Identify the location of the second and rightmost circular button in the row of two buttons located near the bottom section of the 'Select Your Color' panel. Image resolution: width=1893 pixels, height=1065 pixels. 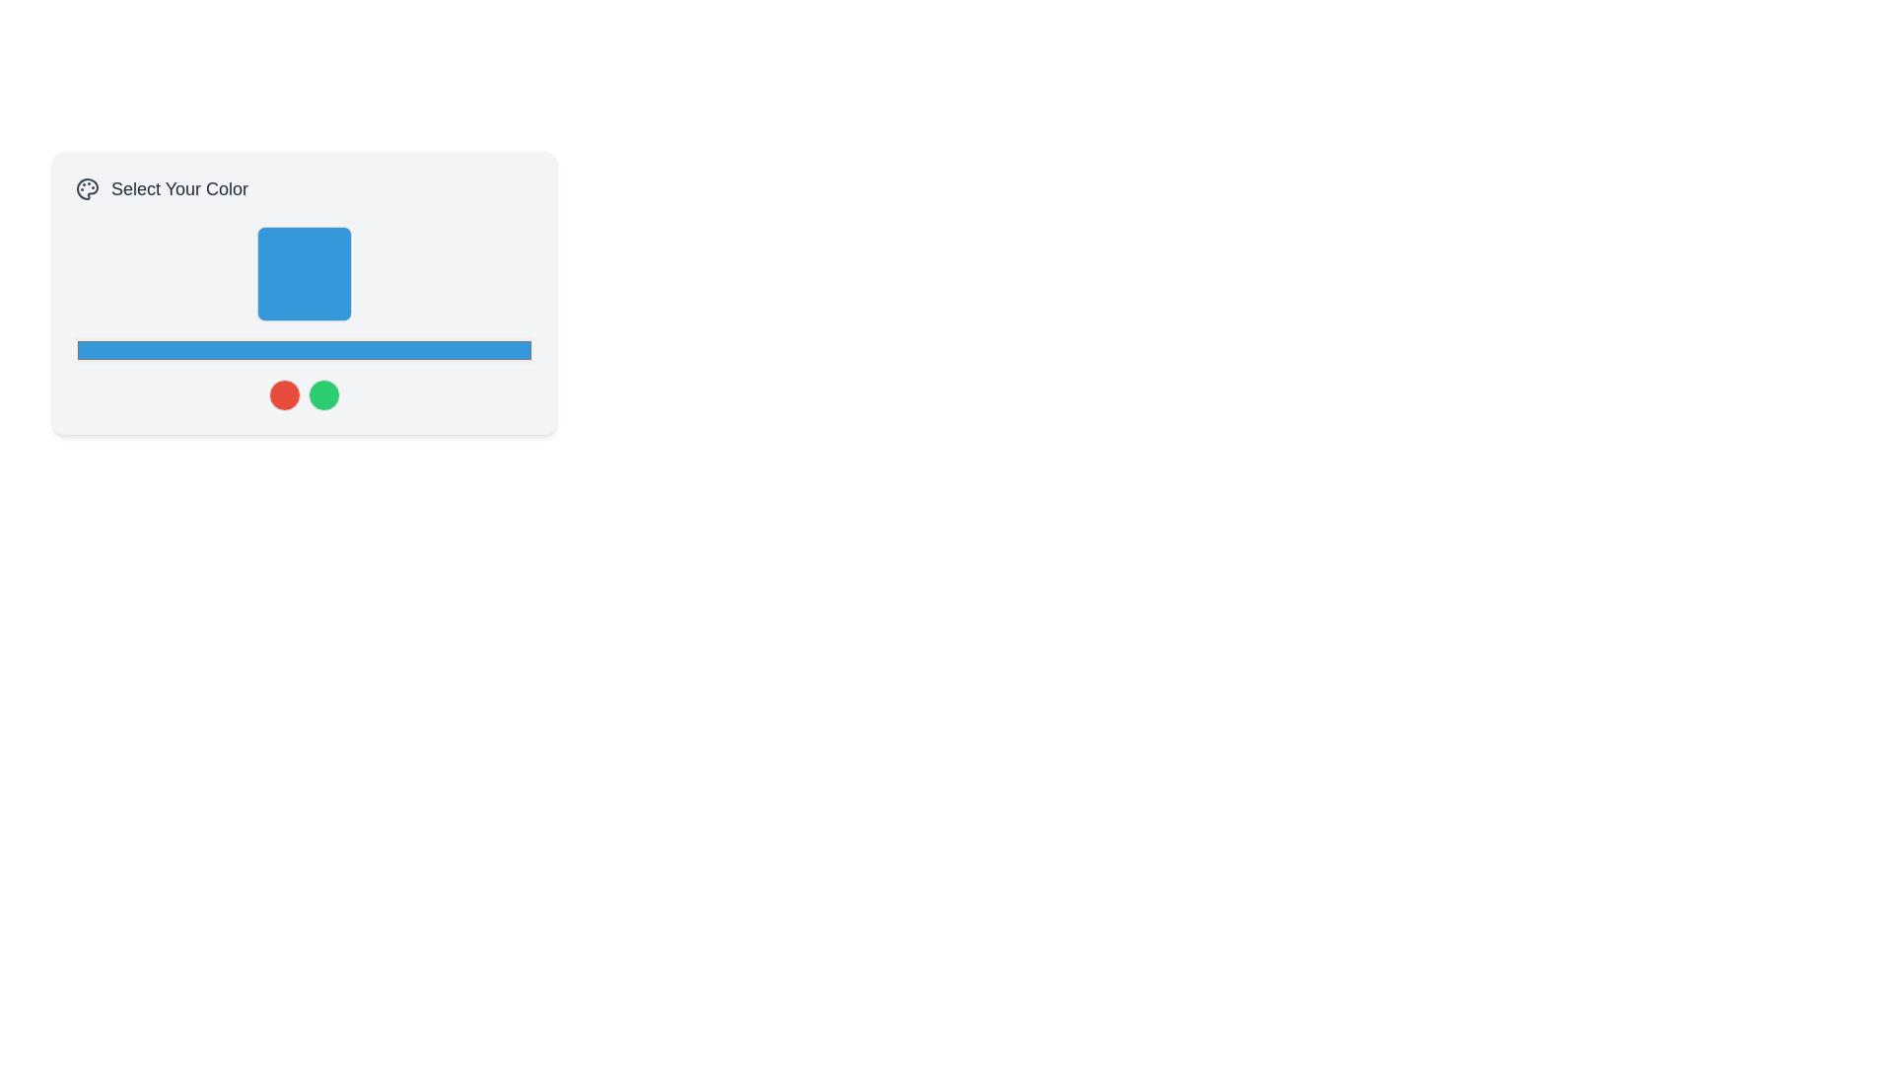
(324, 395).